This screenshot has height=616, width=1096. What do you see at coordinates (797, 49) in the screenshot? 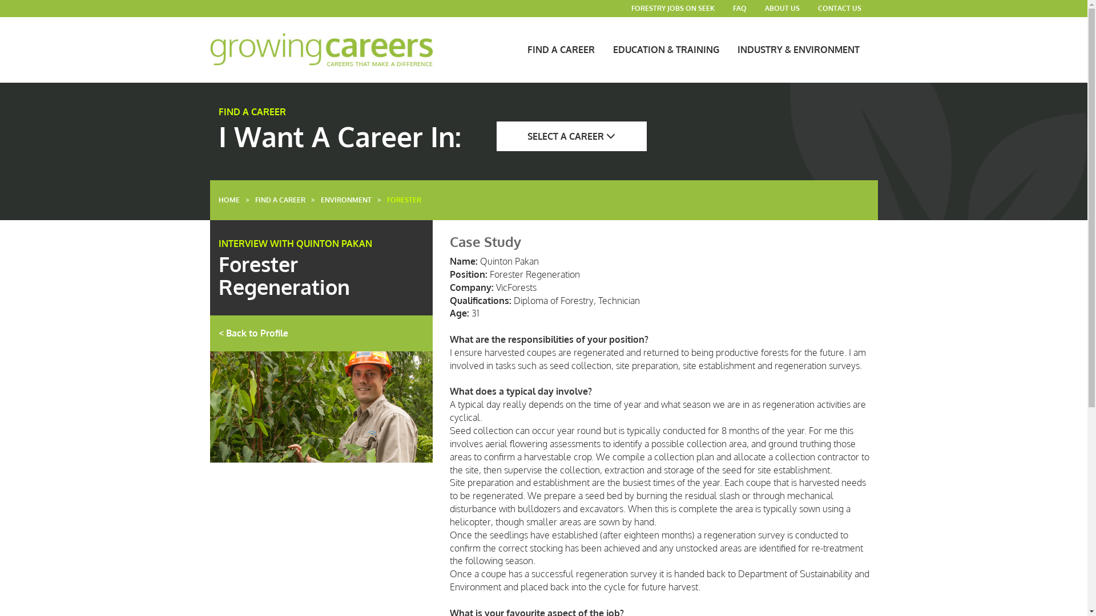
I see `'INDUSTRY & ENVIRONMENT'` at bounding box center [797, 49].